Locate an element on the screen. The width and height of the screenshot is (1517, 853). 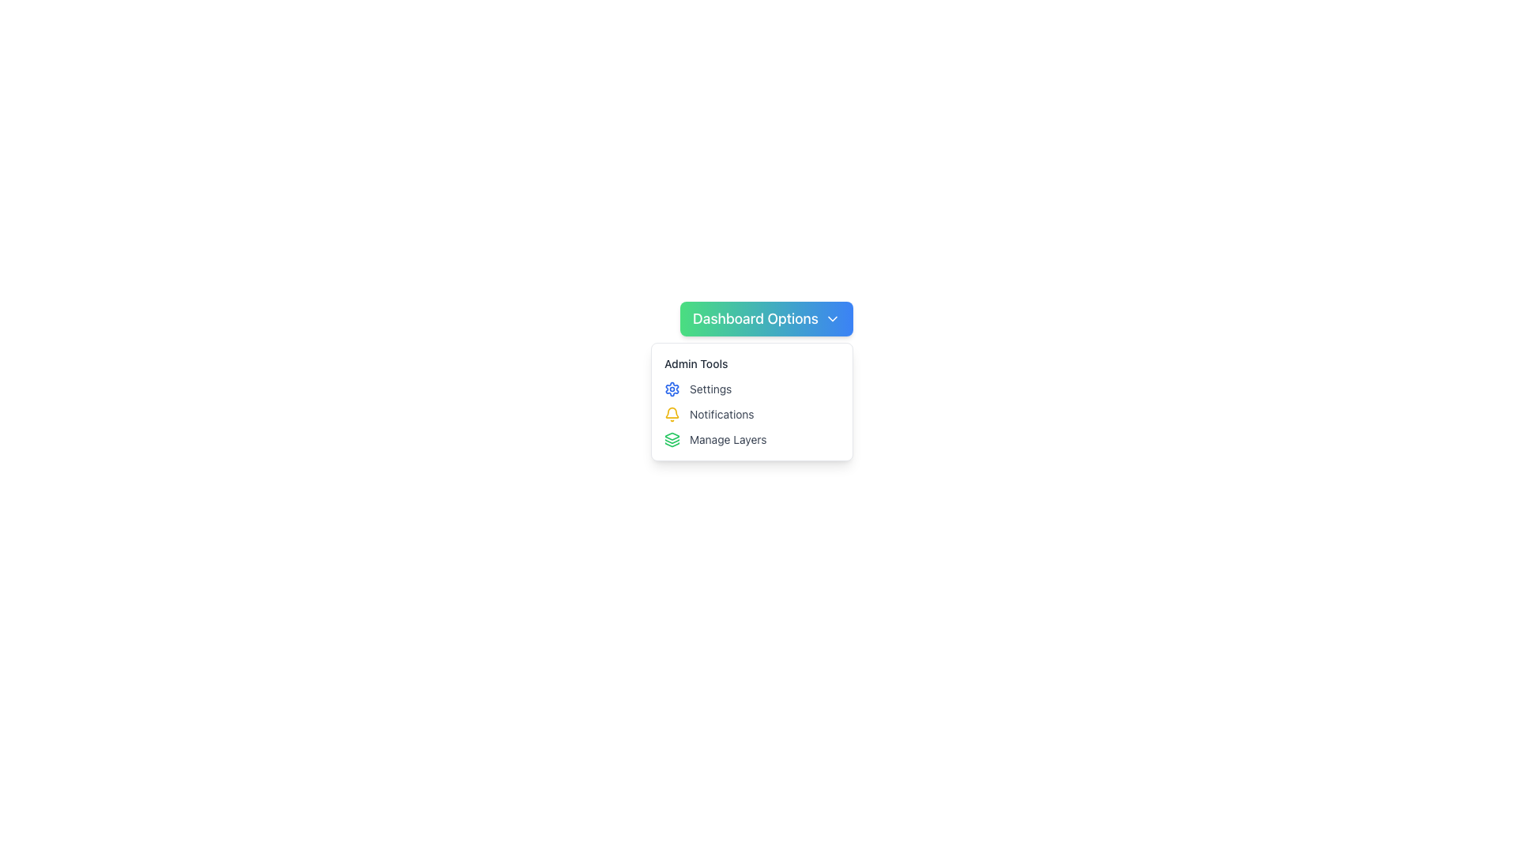
the 'Manage Layers' button located at the bottom of the 'Admin Tools' list, below the 'Notifications' option is located at coordinates (751, 439).